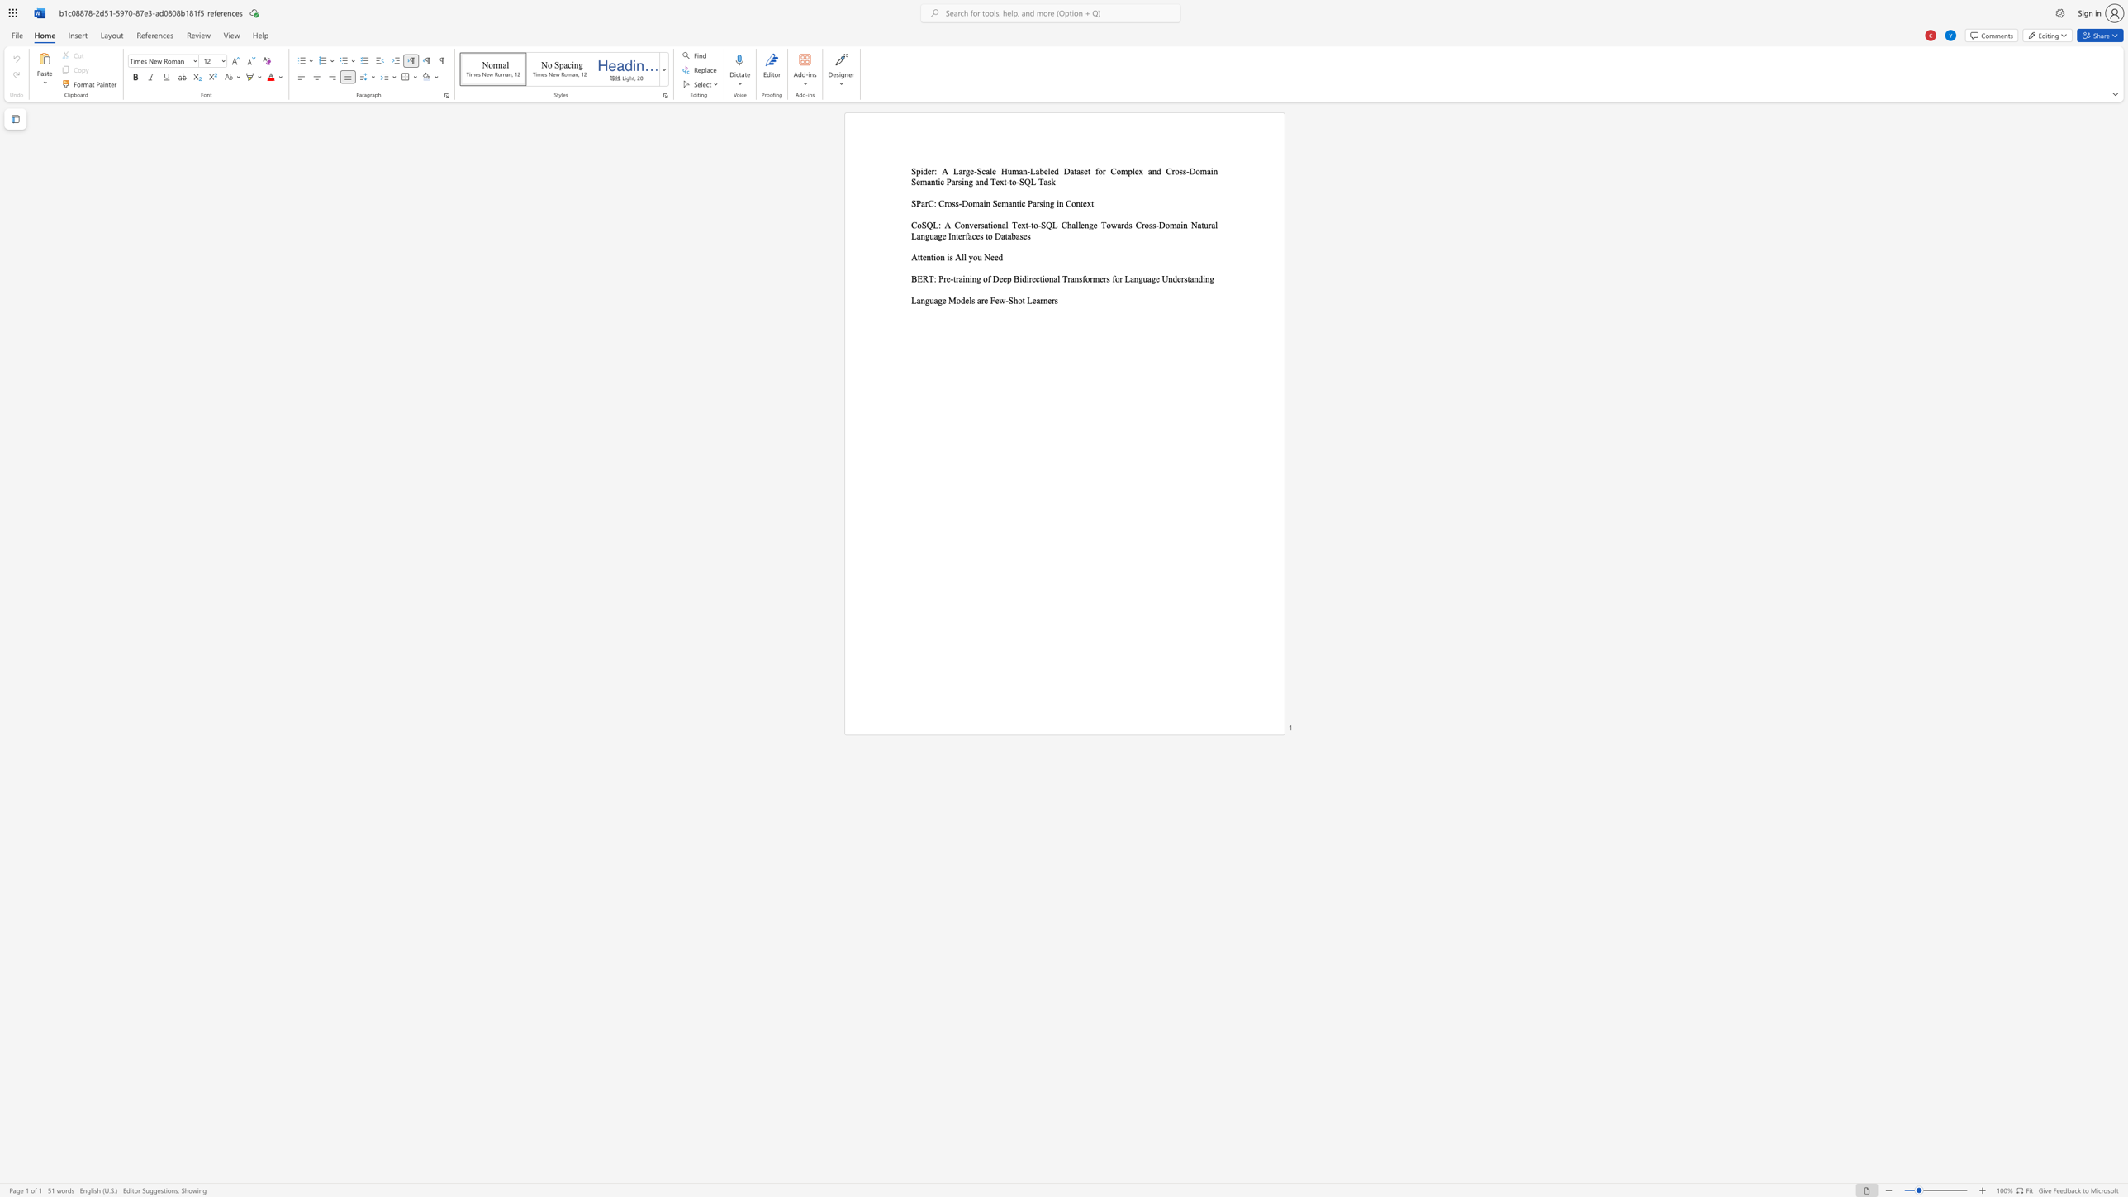 This screenshot has height=1197, width=2128. Describe the element at coordinates (1084, 278) in the screenshot. I see `the 2th character "f" in the text` at that location.